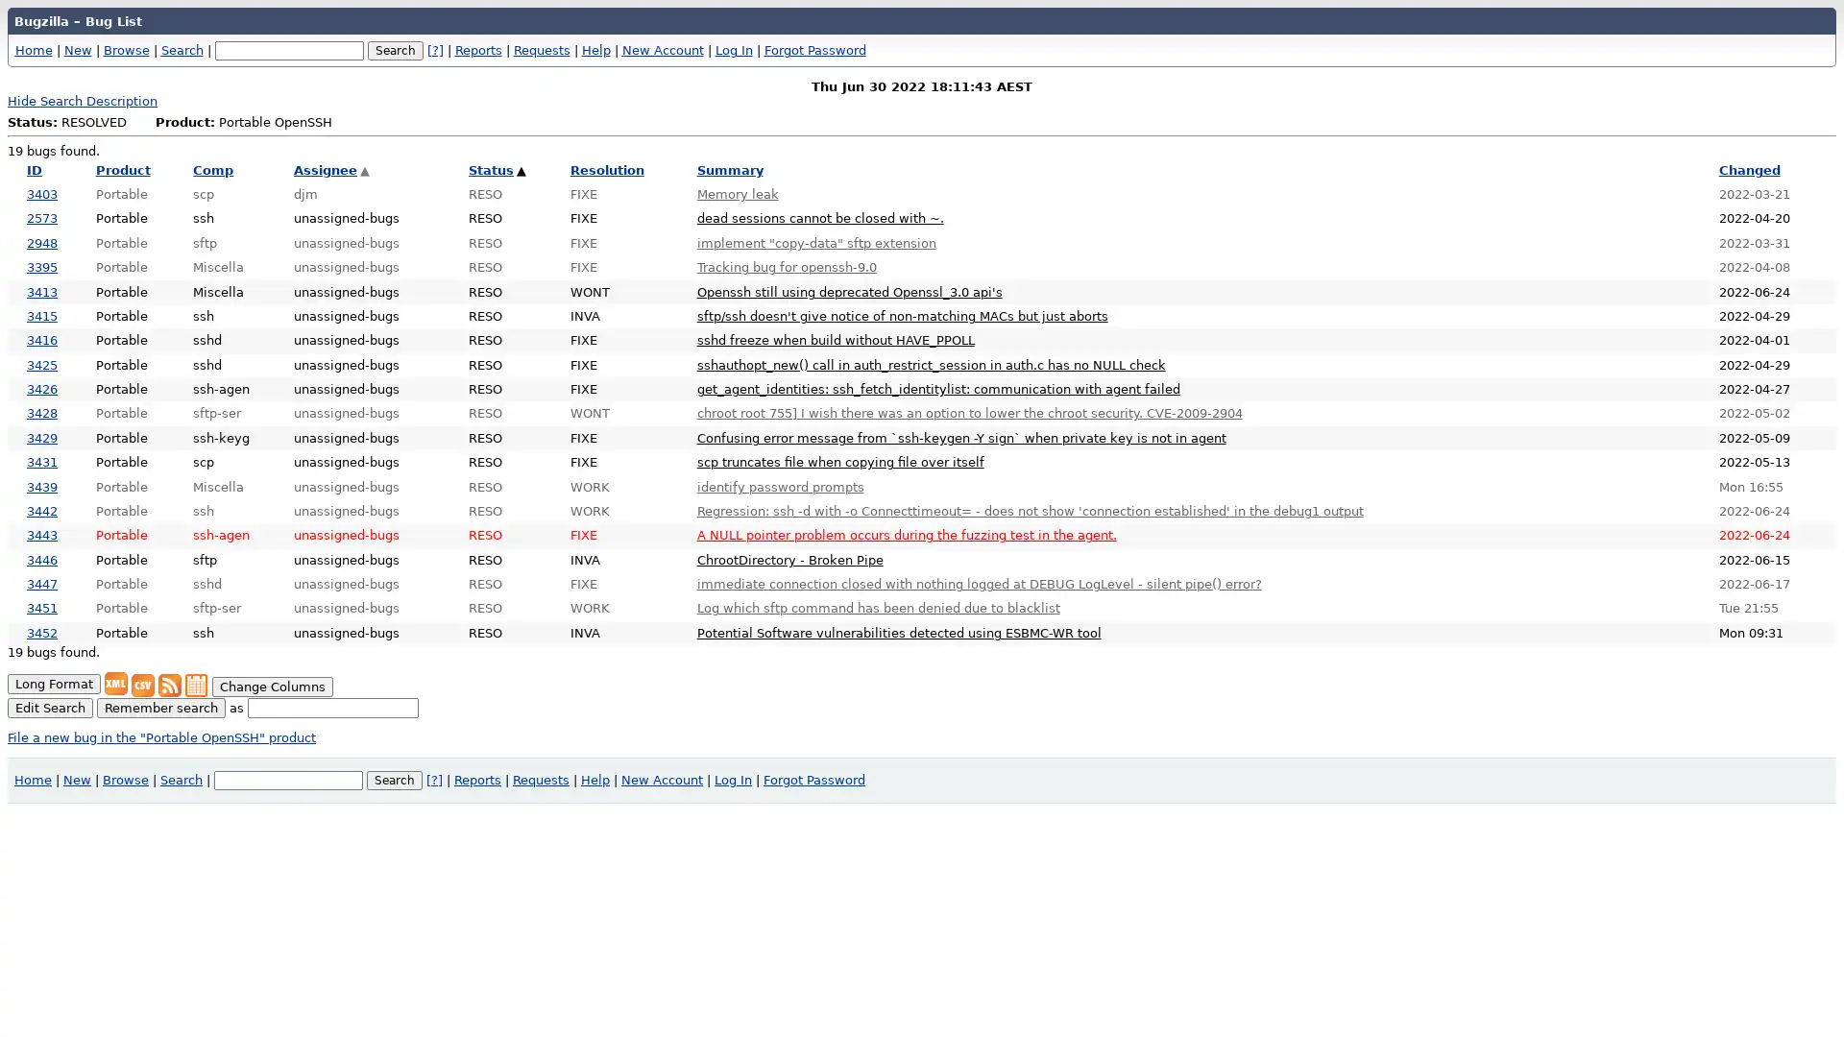 Image resolution: width=1844 pixels, height=1037 pixels. What do you see at coordinates (394, 48) in the screenshot?
I see `Search` at bounding box center [394, 48].